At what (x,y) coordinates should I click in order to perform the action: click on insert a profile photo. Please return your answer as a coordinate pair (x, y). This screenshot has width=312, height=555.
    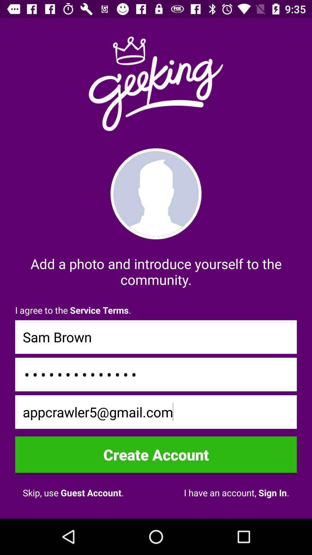
    Looking at the image, I should click on (156, 194).